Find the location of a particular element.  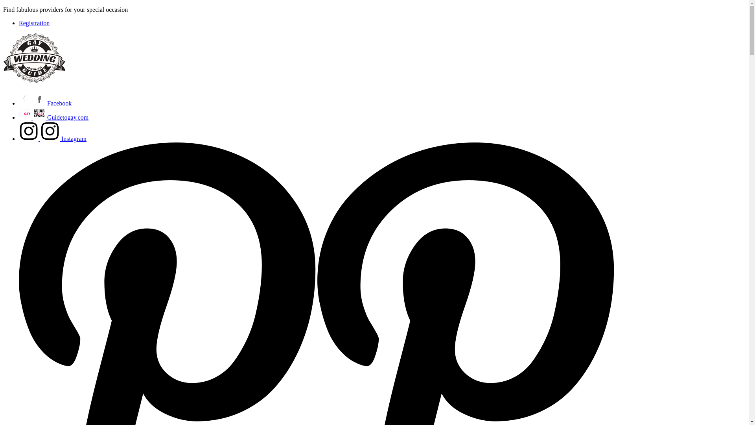

'GayWeddingGuide.com.au' is located at coordinates (34, 83).